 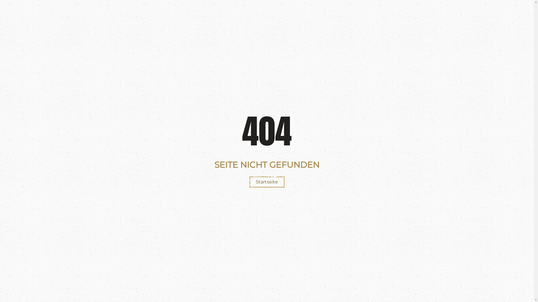 I want to click on 'Startseite', so click(x=249, y=182).